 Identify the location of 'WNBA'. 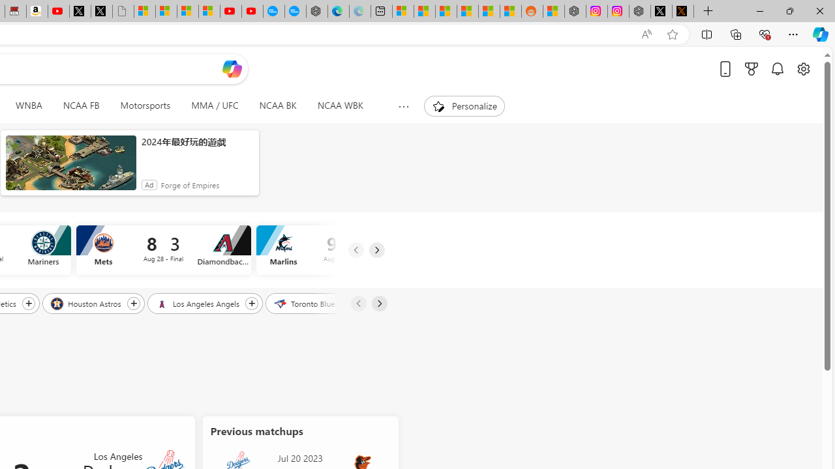
(29, 106).